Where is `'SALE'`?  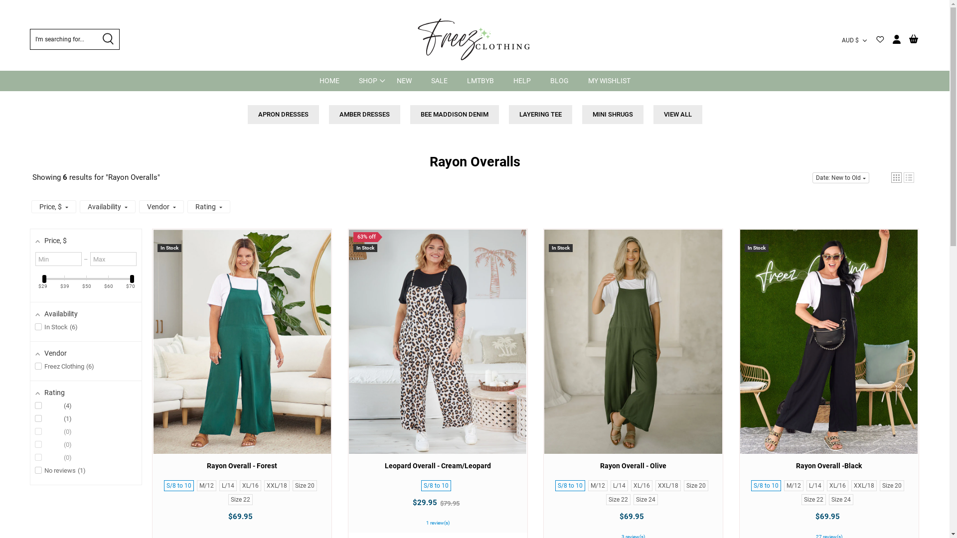 'SALE' is located at coordinates (439, 80).